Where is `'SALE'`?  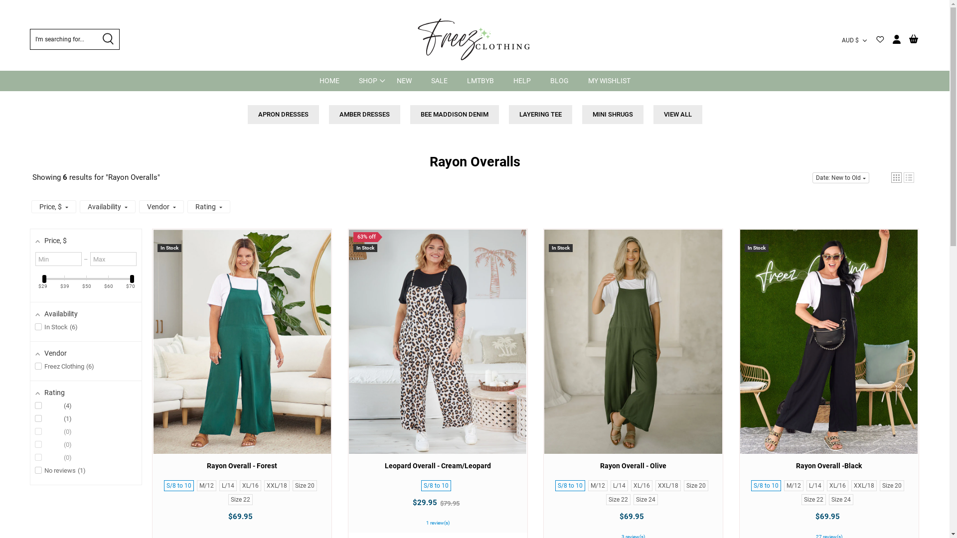 'SALE' is located at coordinates (439, 80).